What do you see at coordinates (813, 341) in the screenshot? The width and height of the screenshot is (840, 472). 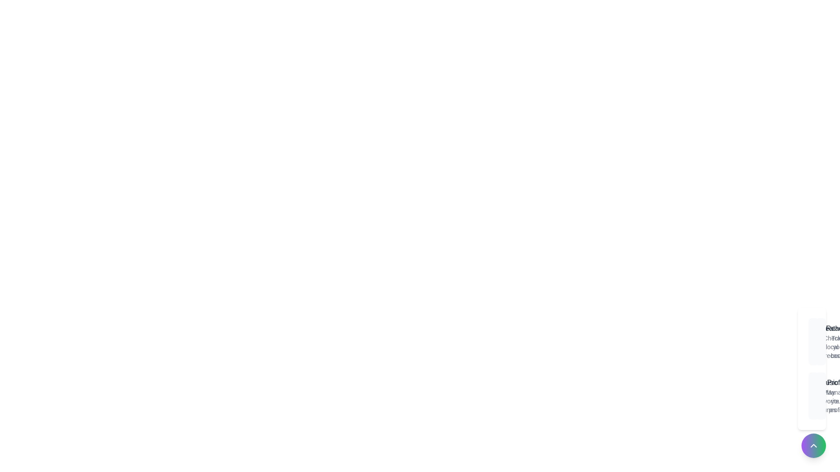 I see `the element labeled Weather to observe its hover effect` at bounding box center [813, 341].